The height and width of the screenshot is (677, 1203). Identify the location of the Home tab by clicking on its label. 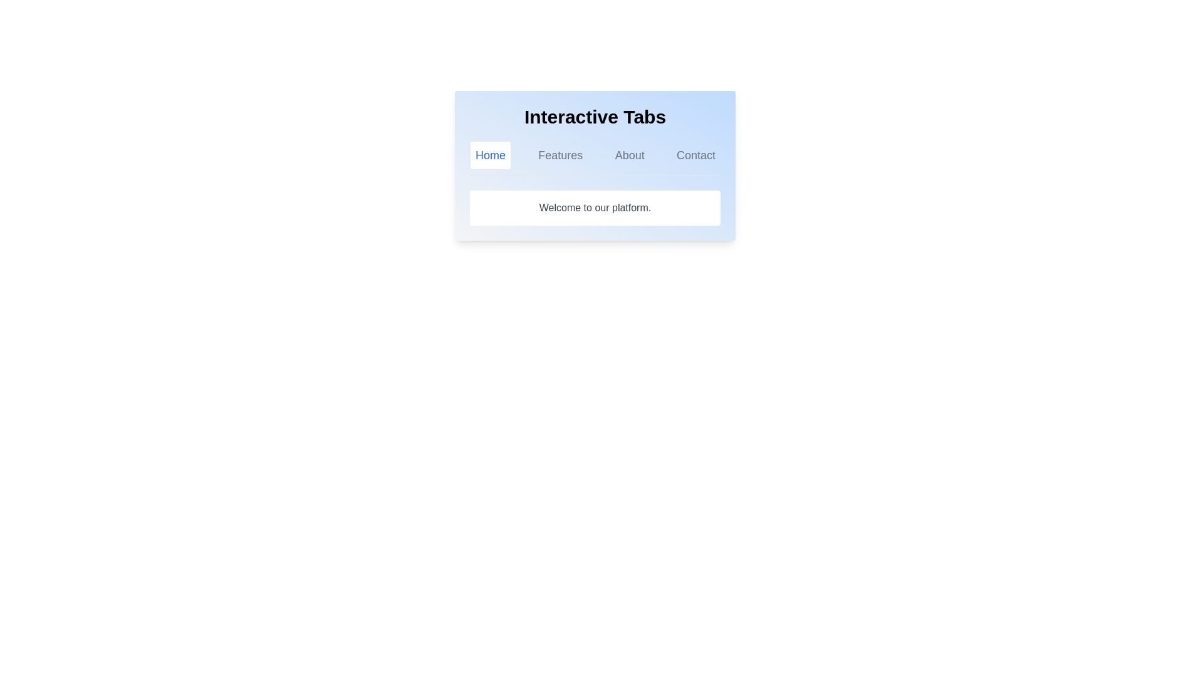
(489, 154).